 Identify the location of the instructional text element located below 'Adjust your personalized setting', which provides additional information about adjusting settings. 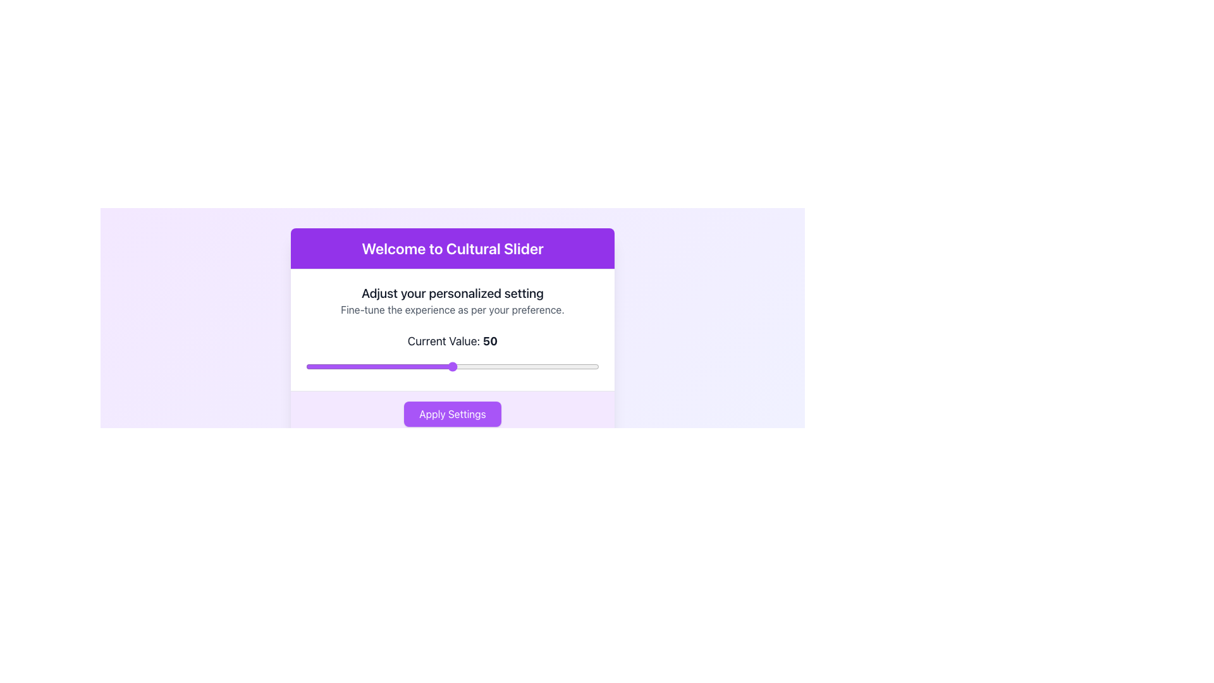
(452, 309).